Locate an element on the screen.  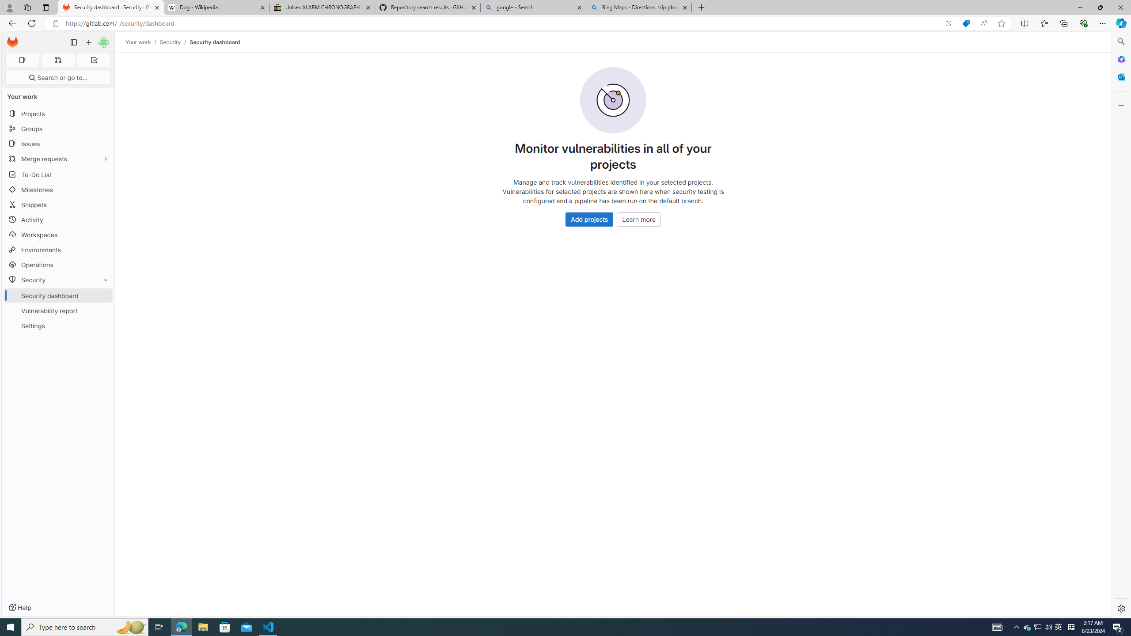
'Projects' is located at coordinates (57, 113).